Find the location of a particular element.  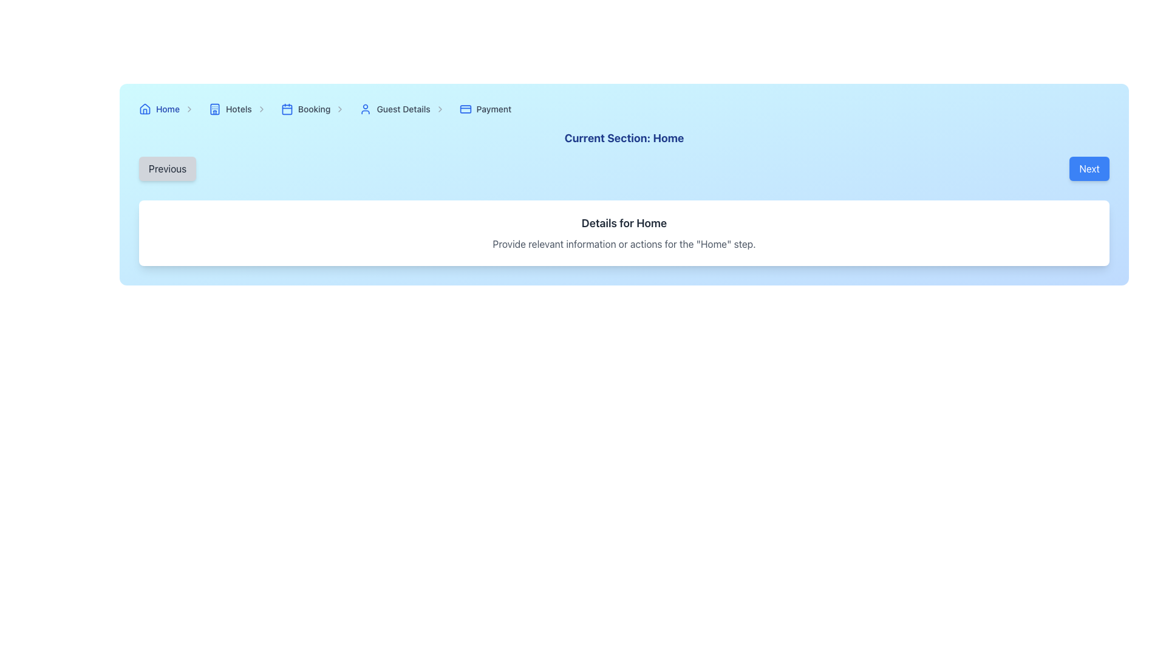

the house icon with a blue outline located next to the text 'Home' in the breadcrumb navigation bar is located at coordinates (145, 109).